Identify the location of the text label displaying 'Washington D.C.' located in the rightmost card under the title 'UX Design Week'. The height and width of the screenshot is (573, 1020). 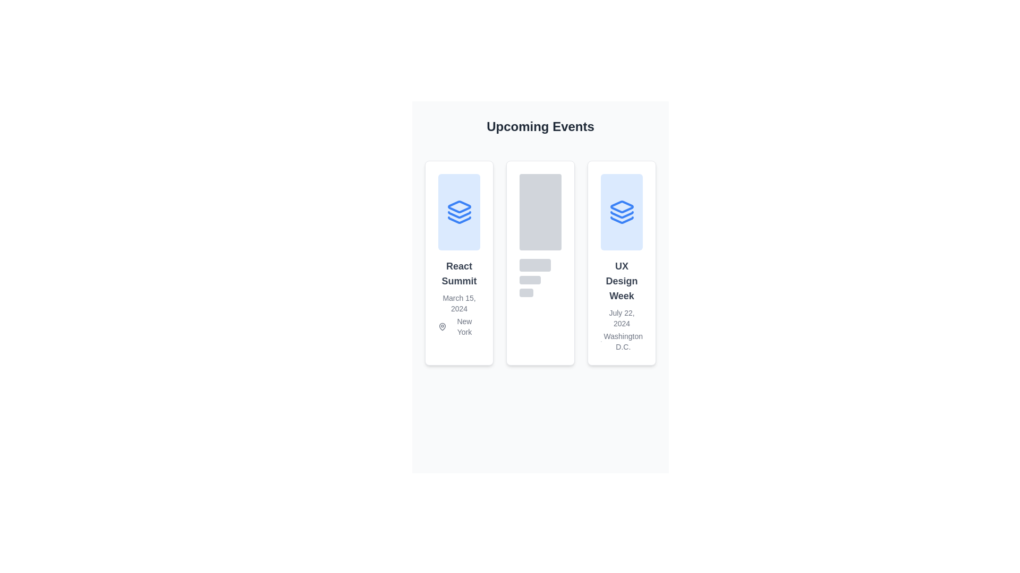
(622, 342).